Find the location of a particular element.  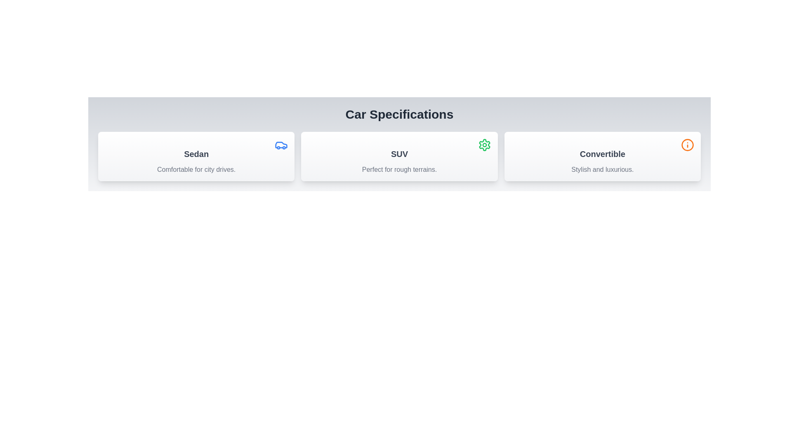

the Text Display element that provides a descriptive remark about the suitability of the Sedan, located directly beneath the 'Sedan' title and centrally positioned within the first card of a horizontal array of three cards is located at coordinates (196, 169).